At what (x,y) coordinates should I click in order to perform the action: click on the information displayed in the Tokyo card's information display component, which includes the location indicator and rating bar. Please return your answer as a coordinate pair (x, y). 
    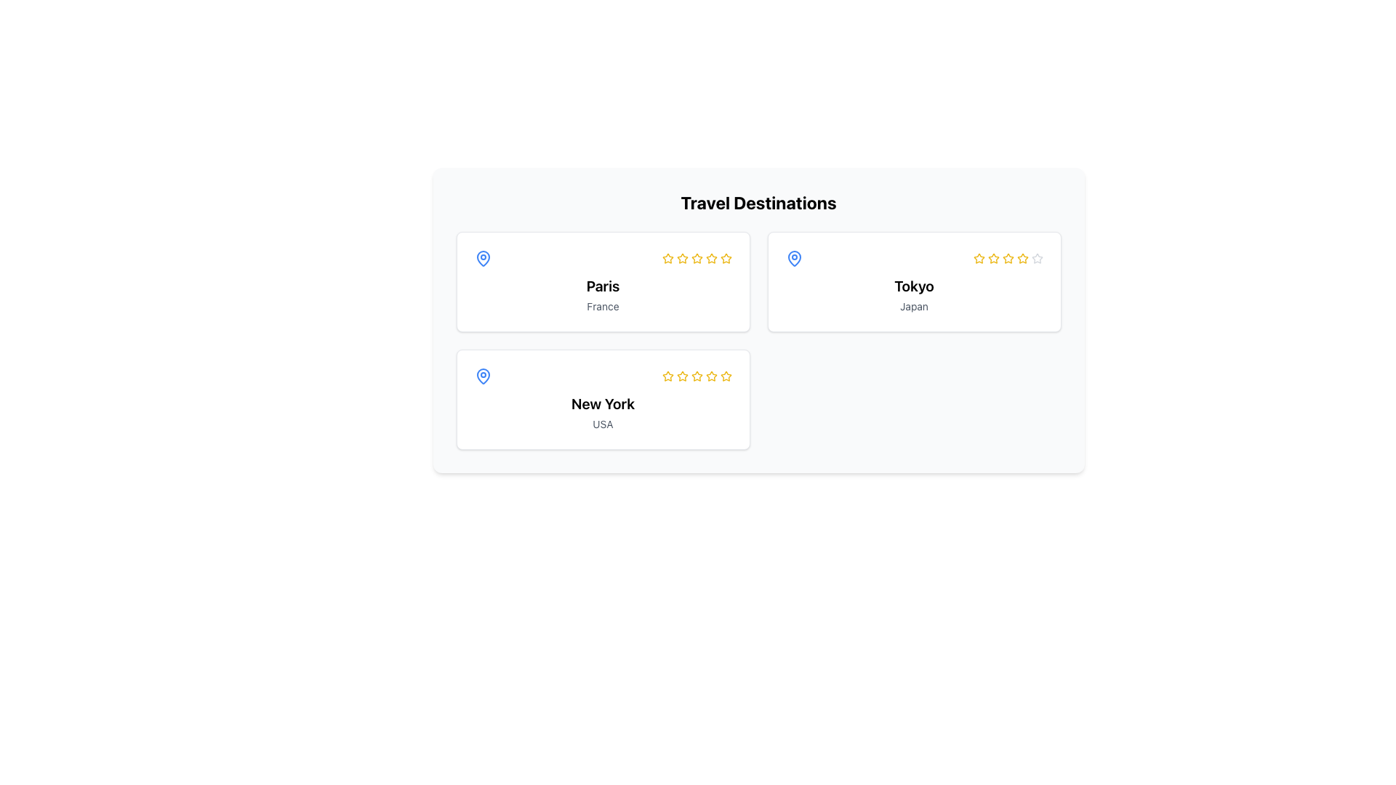
    Looking at the image, I should click on (913, 257).